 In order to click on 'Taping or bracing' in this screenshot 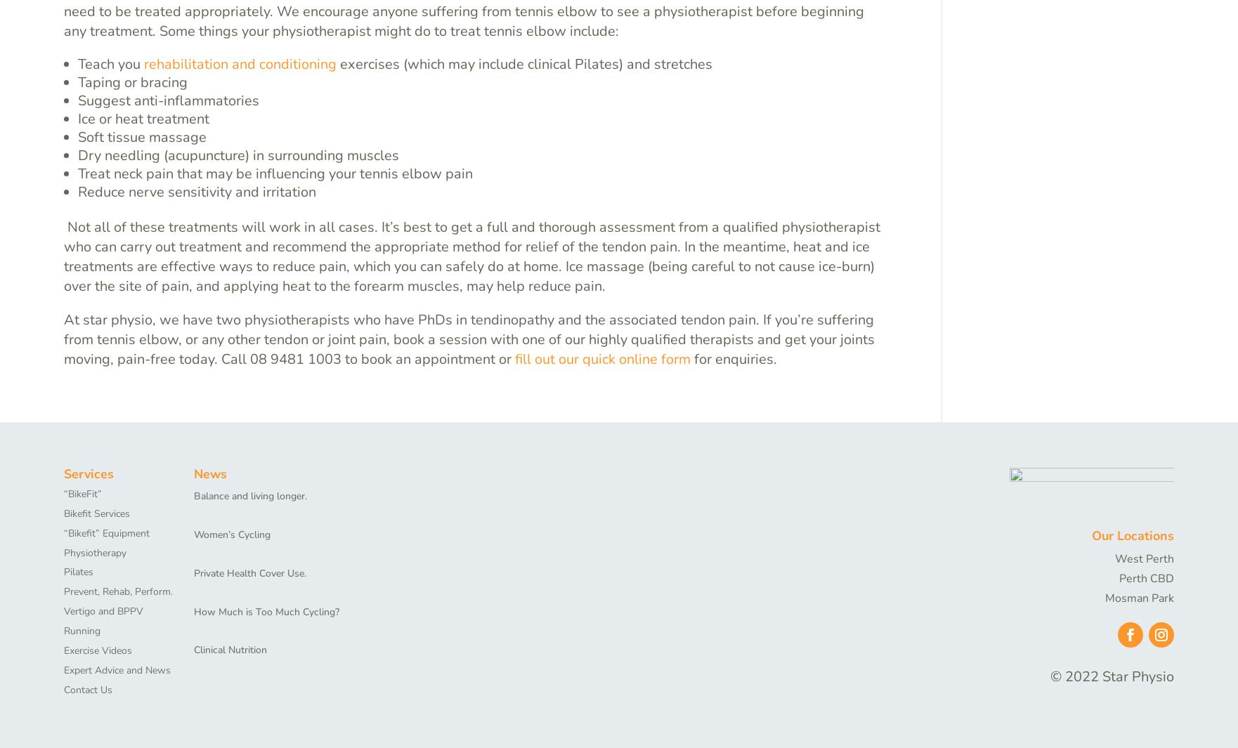, I will do `click(133, 81)`.